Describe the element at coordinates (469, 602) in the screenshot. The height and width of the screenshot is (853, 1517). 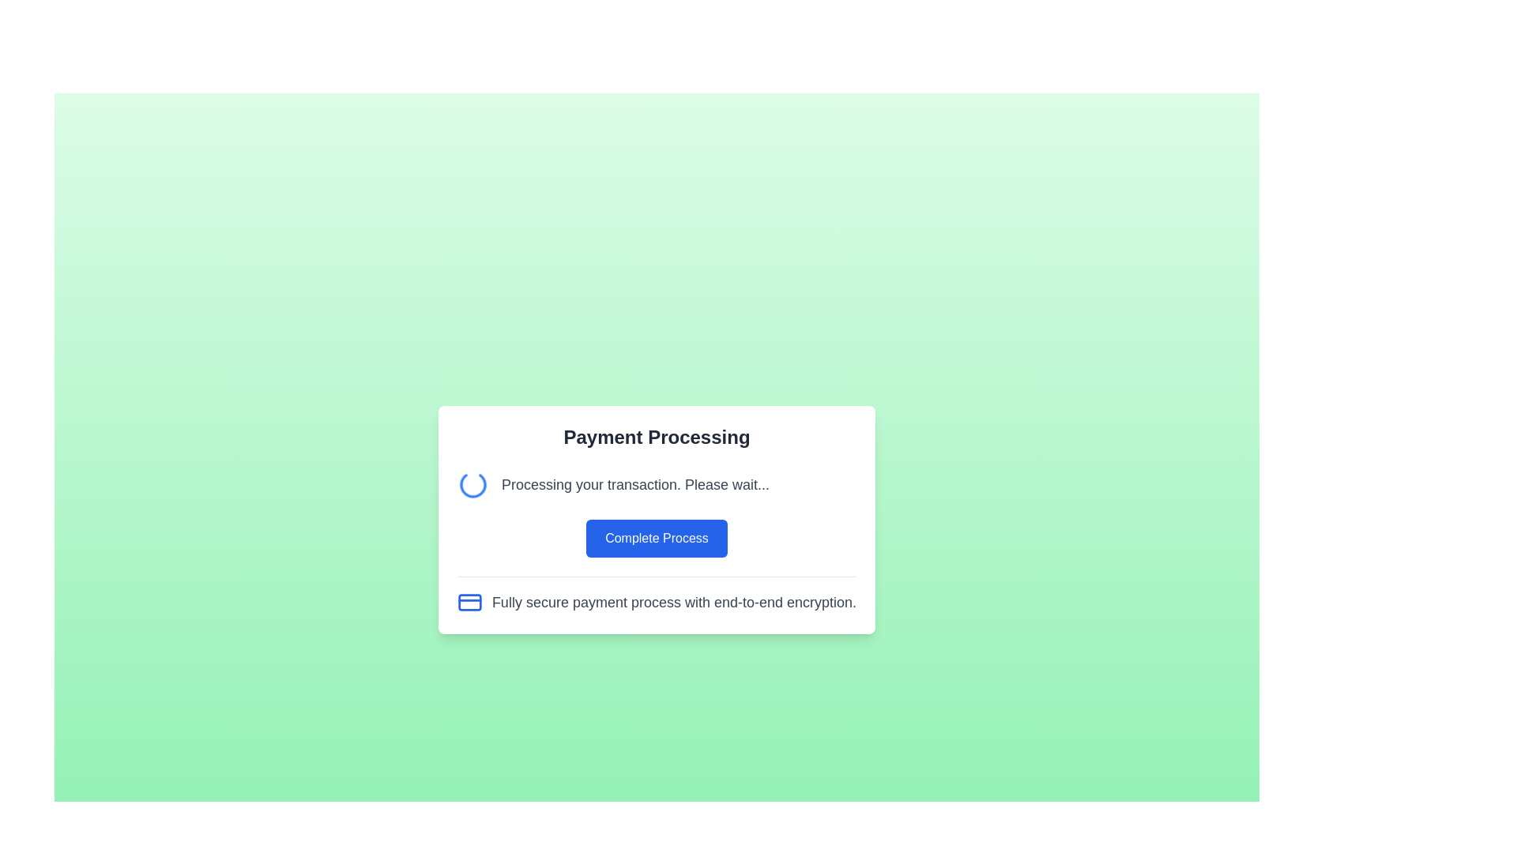
I see `the rectangular icon element with a blue border located near the lower-right corner of the central modal, which is associated with a fully secure payment process` at that location.